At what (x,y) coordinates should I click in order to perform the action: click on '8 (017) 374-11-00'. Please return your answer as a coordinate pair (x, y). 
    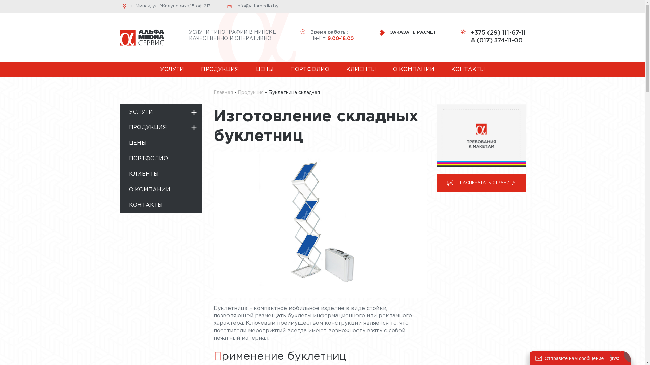
    Looking at the image, I should click on (498, 40).